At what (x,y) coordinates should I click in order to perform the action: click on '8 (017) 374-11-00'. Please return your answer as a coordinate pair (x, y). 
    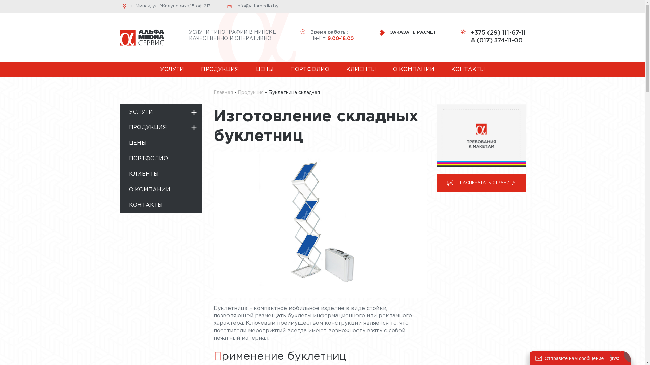
    Looking at the image, I should click on (498, 40).